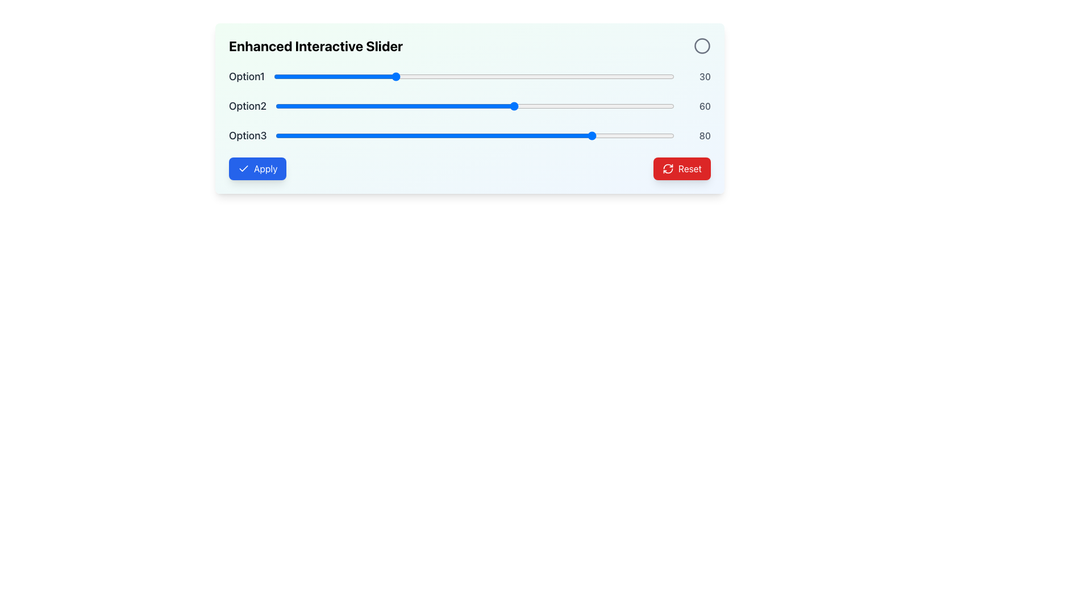  I want to click on slider, so click(335, 106).